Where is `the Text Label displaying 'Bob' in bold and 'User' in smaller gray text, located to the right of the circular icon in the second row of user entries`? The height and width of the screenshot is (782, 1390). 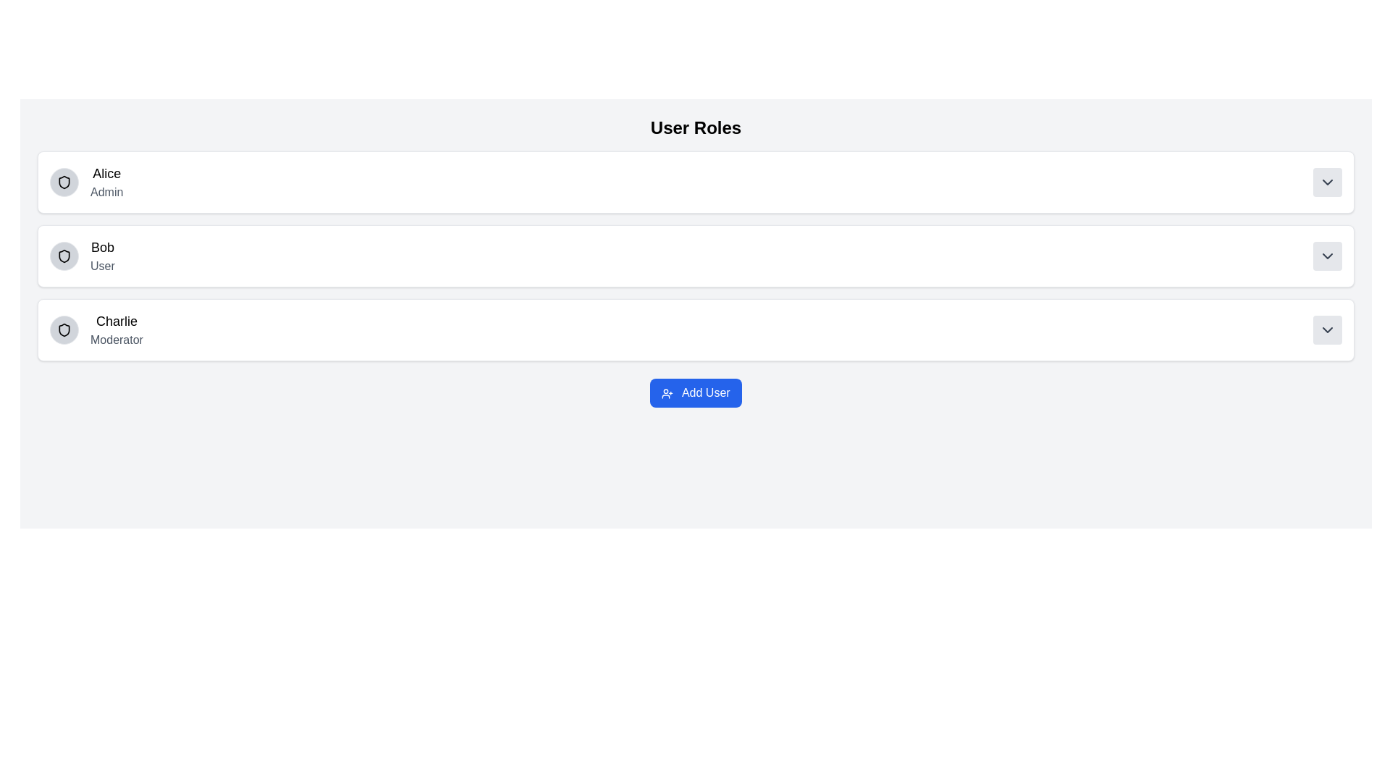
the Text Label displaying 'Bob' in bold and 'User' in smaller gray text, located to the right of the circular icon in the second row of user entries is located at coordinates (101, 256).